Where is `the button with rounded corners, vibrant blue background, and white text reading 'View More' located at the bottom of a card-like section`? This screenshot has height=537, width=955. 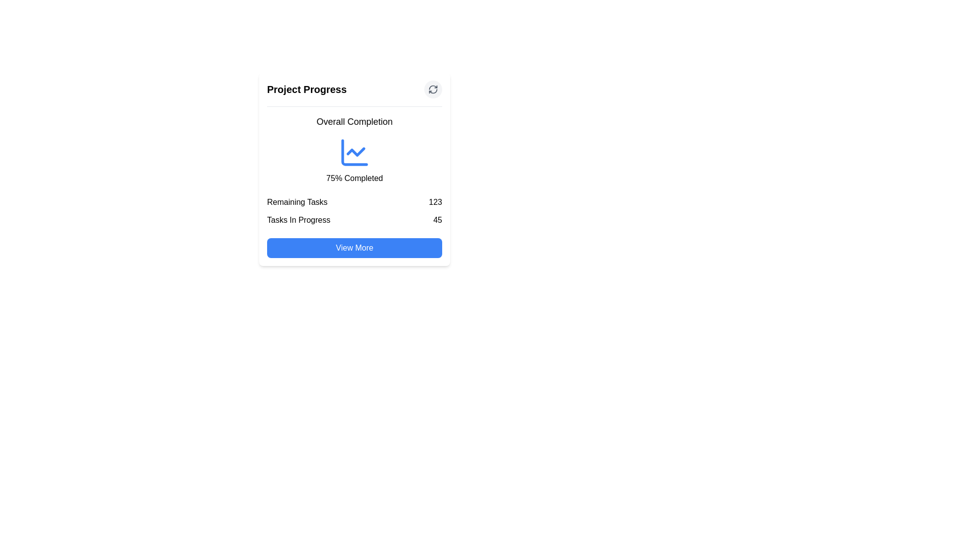 the button with rounded corners, vibrant blue background, and white text reading 'View More' located at the bottom of a card-like section is located at coordinates (355, 247).